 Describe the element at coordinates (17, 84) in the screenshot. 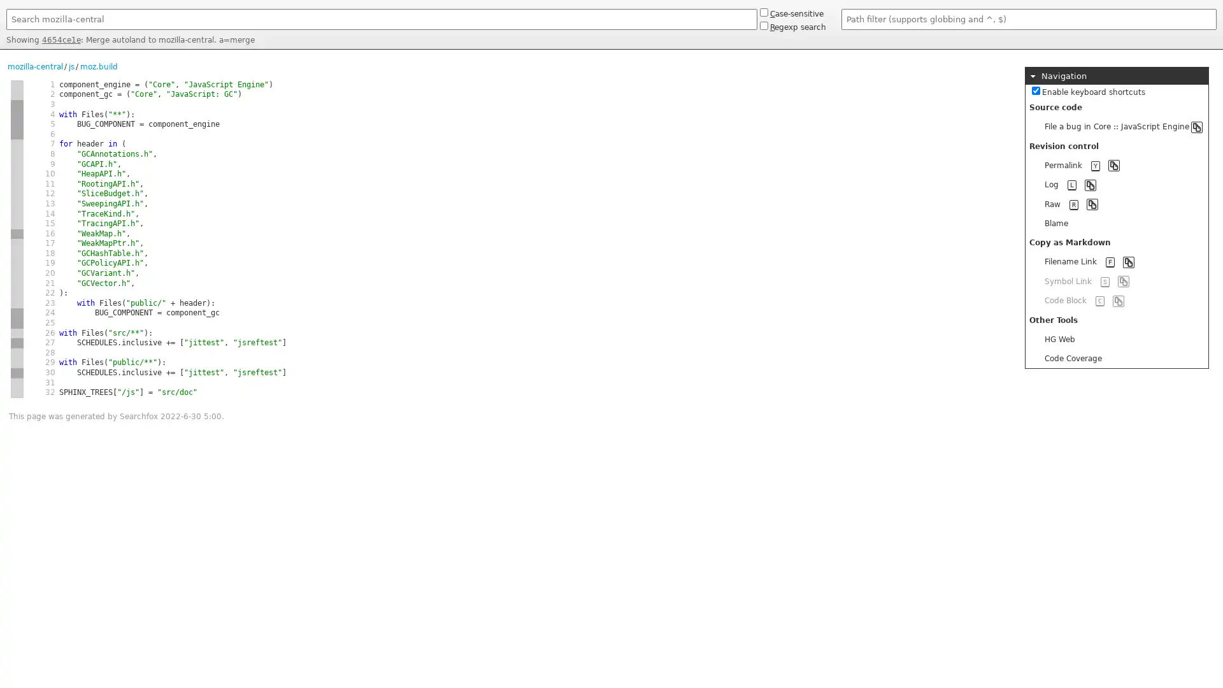

I see `new hash 1` at that location.